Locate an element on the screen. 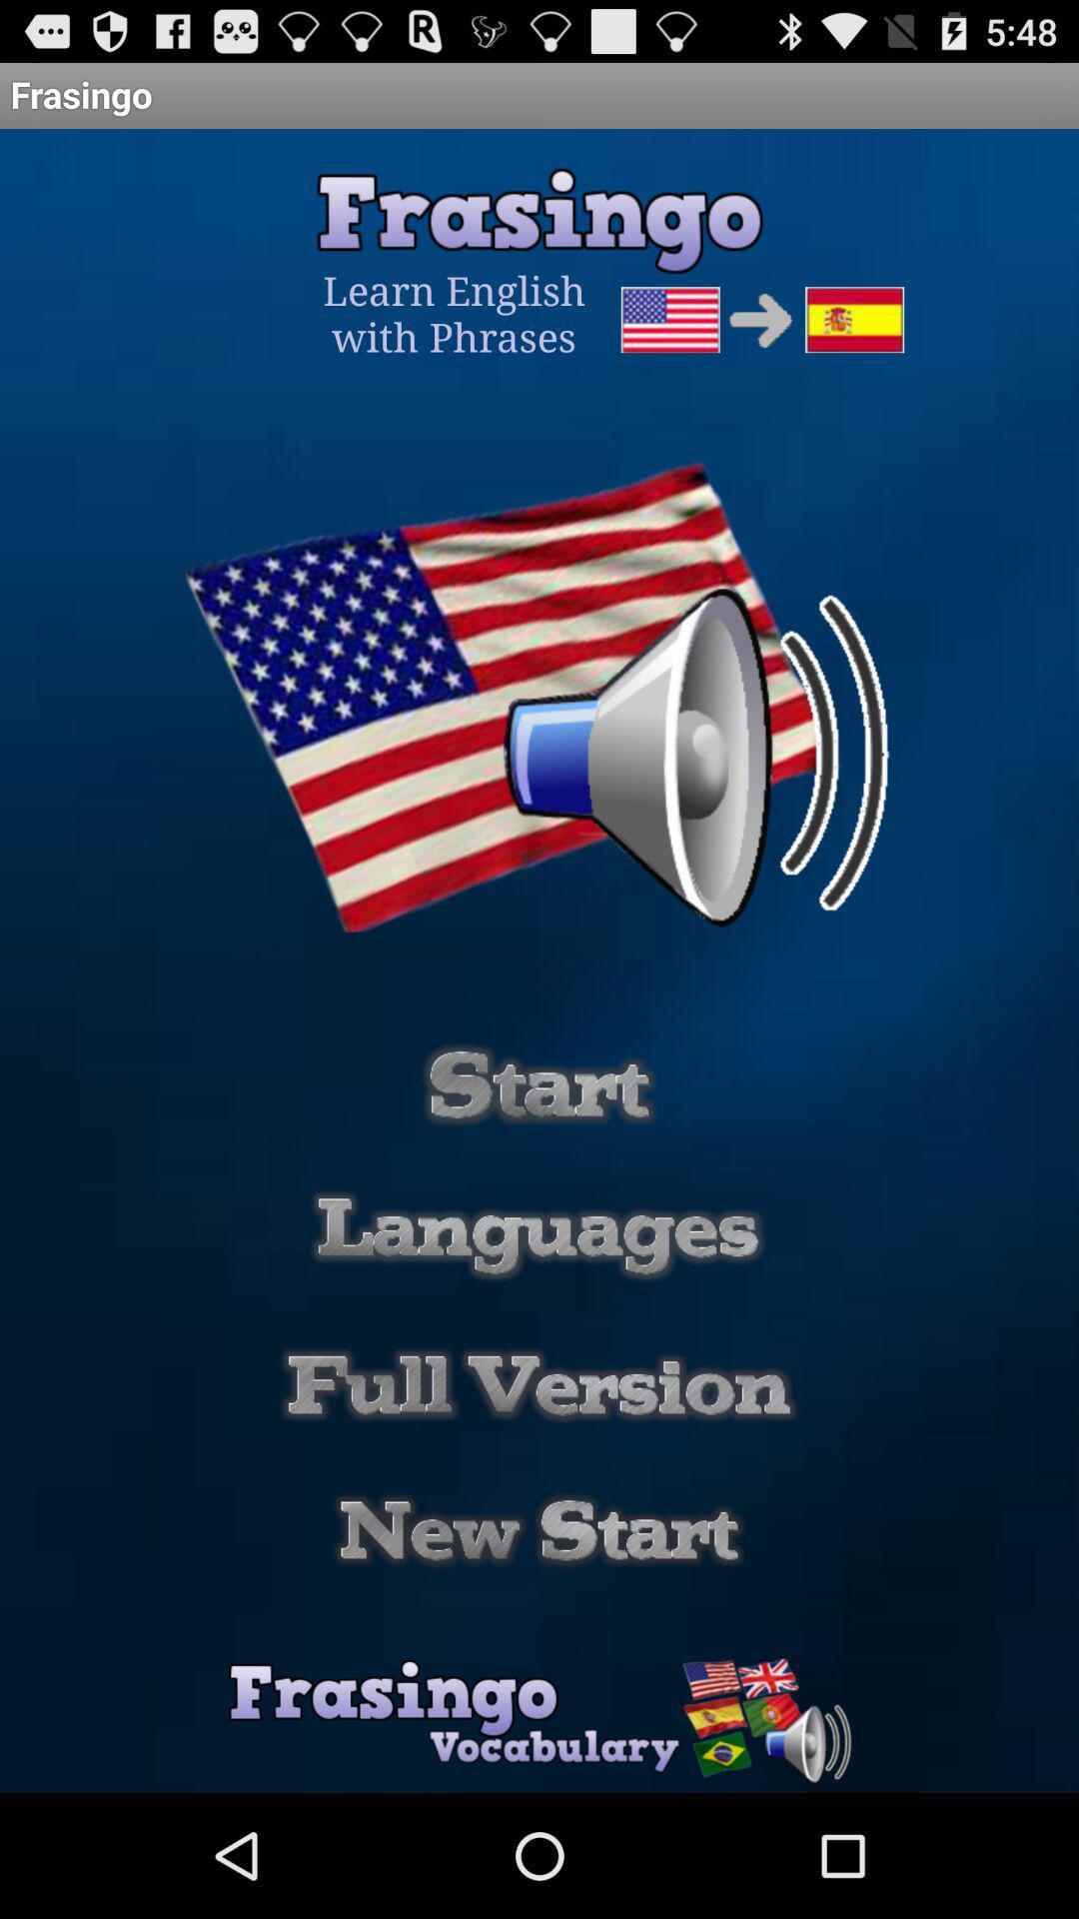 This screenshot has height=1919, width=1079. see full version is located at coordinates (539, 1384).